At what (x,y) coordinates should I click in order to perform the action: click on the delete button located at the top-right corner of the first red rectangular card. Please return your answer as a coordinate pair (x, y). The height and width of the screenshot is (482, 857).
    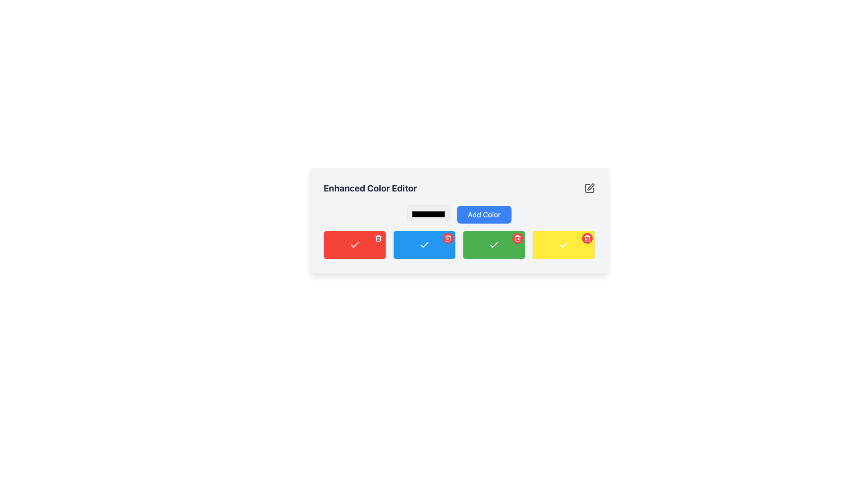
    Looking at the image, I should click on (379, 237).